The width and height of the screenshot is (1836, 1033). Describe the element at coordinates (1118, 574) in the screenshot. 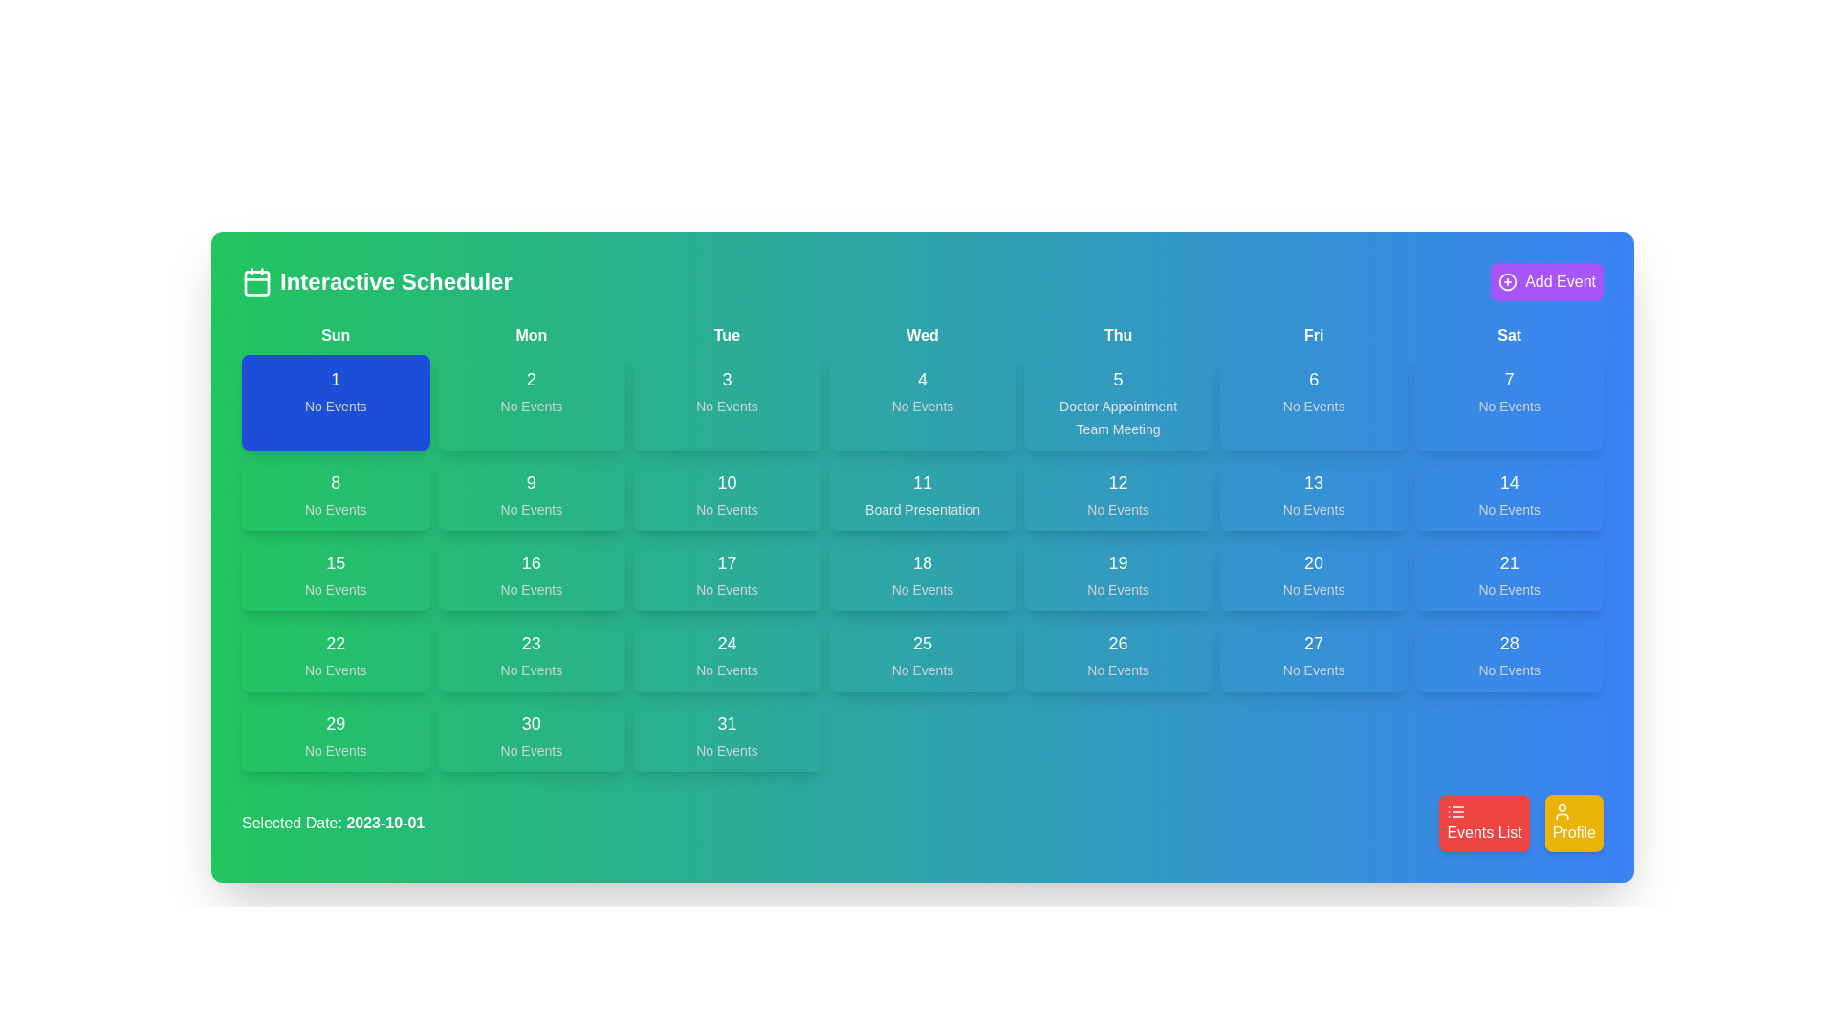

I see `the light blue rectangular card displaying '19' and 'No Events' located` at that location.